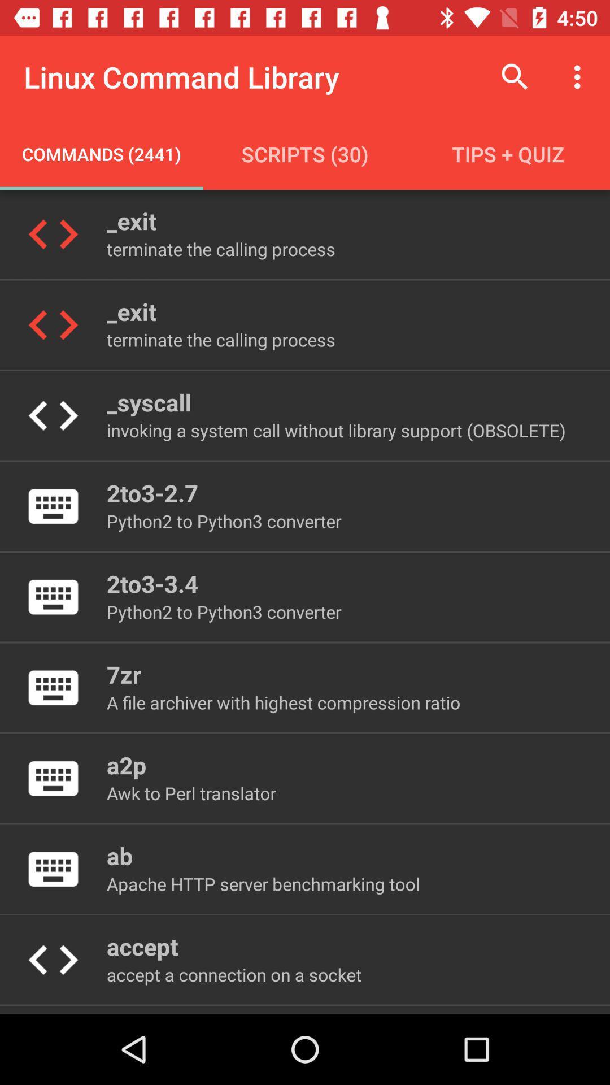 This screenshot has height=1085, width=610. Describe the element at coordinates (515, 76) in the screenshot. I see `icon next to the linux command library item` at that location.